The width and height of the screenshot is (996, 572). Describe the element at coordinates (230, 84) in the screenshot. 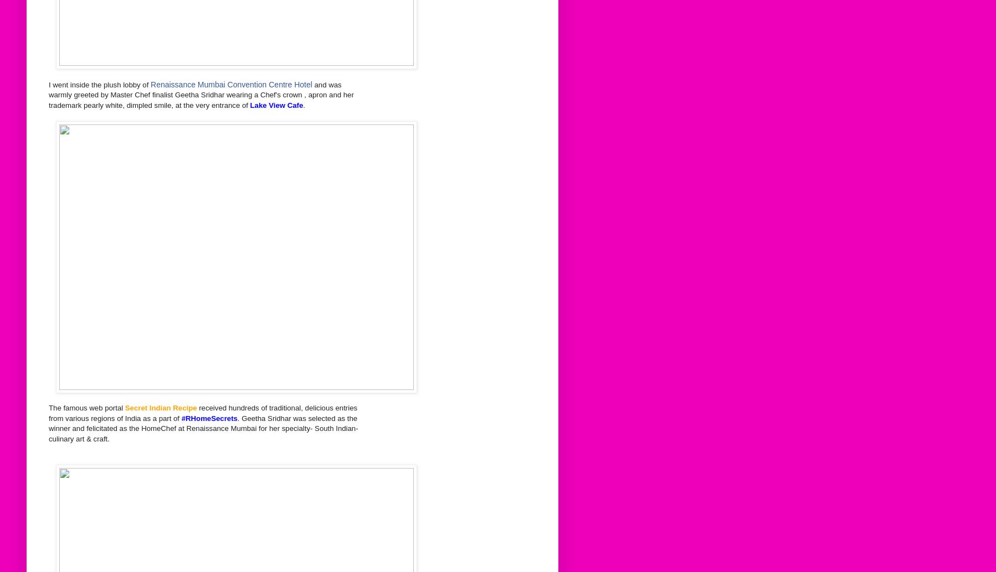

I see `'Renaissance Mumbai Convention Centre Hotel'` at that location.